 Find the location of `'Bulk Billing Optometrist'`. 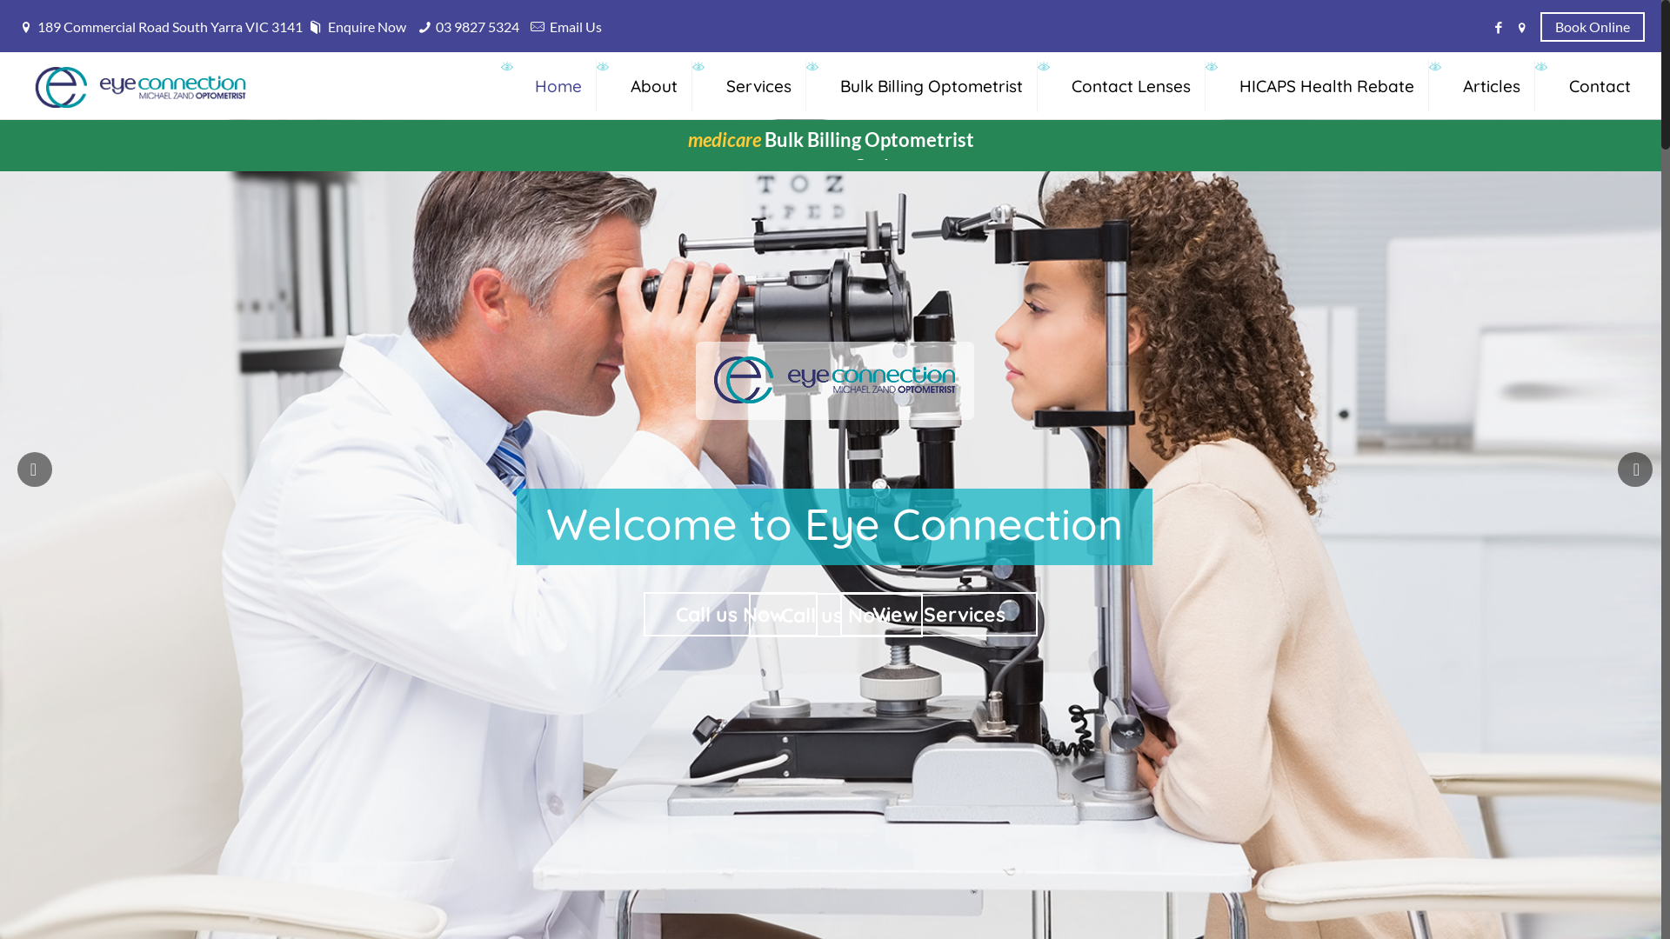

'Bulk Billing Optometrist' is located at coordinates (931, 85).